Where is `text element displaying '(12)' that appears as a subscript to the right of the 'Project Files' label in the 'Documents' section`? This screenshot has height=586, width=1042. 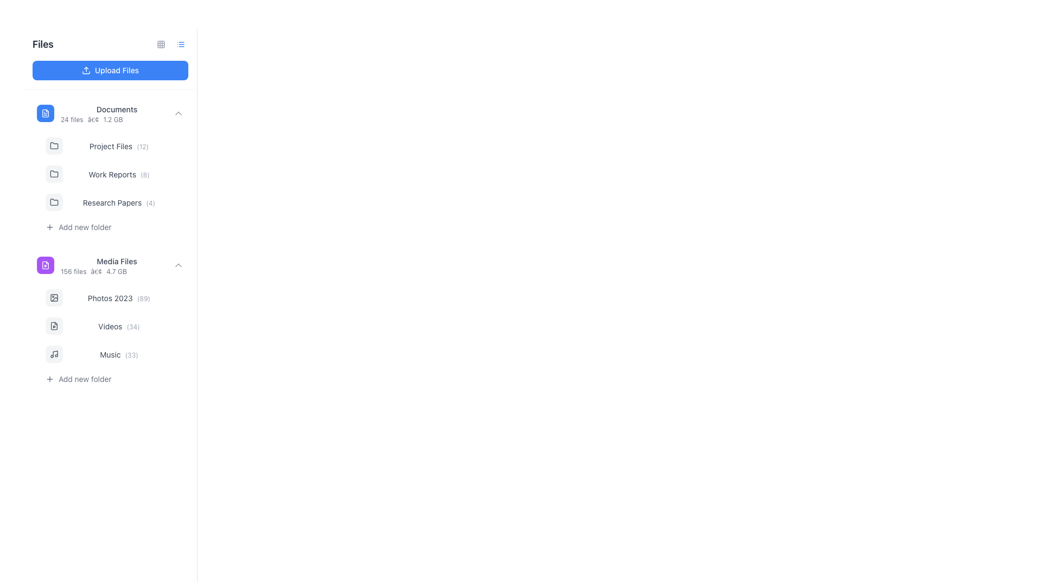 text element displaying '(12)' that appears as a subscript to the right of the 'Project Files' label in the 'Documents' section is located at coordinates (142, 146).